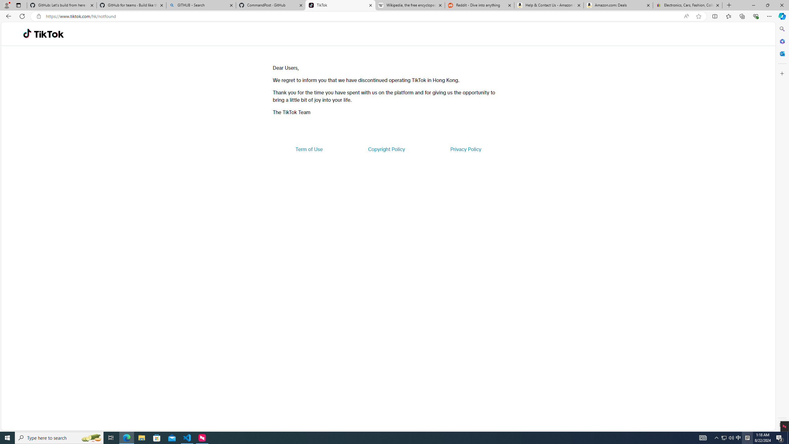  I want to click on 'Read aloud this page (Ctrl+Shift+U)', so click(686, 16).